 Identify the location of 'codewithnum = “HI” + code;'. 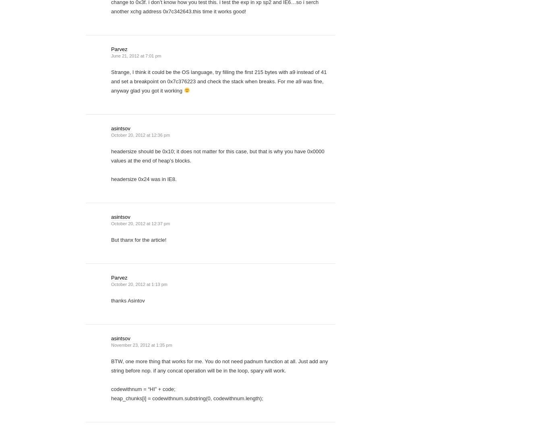
(143, 389).